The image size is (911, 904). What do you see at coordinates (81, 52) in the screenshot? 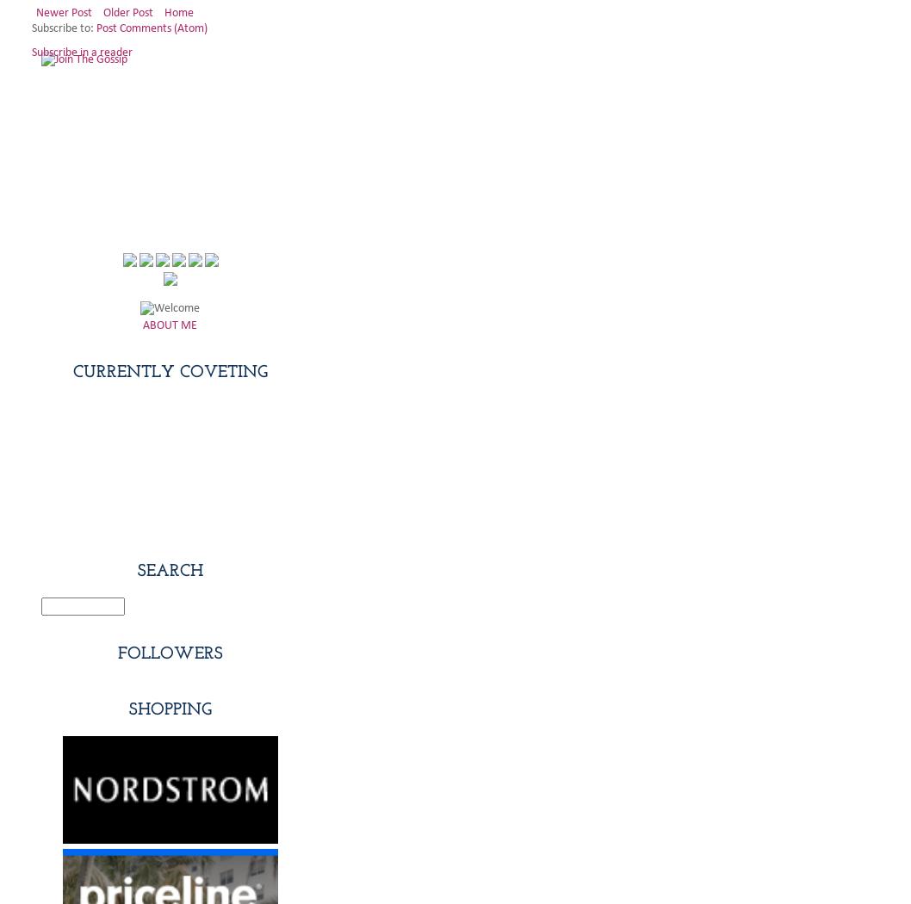
I see `'Subscribe in a reader'` at bounding box center [81, 52].